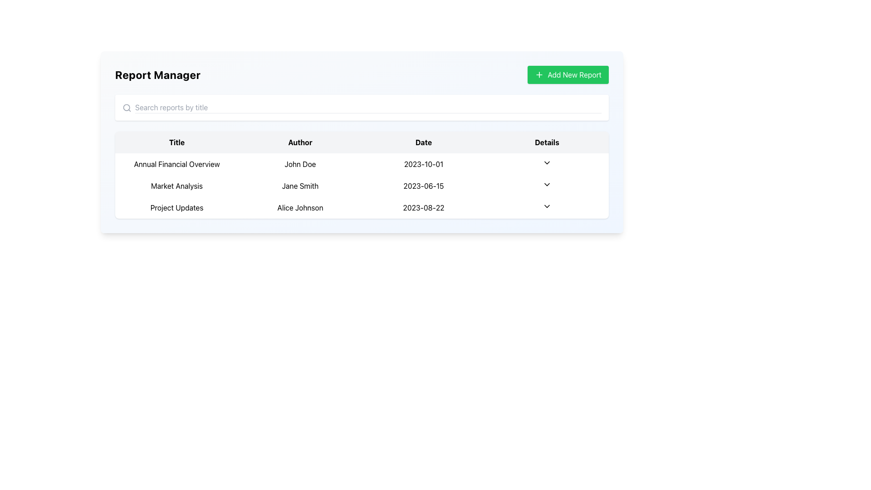 The height and width of the screenshot is (490, 871). I want to click on the 'Add New Report' button icon, which is located on the left side of the green button used for initiating the creation process, so click(539, 74).